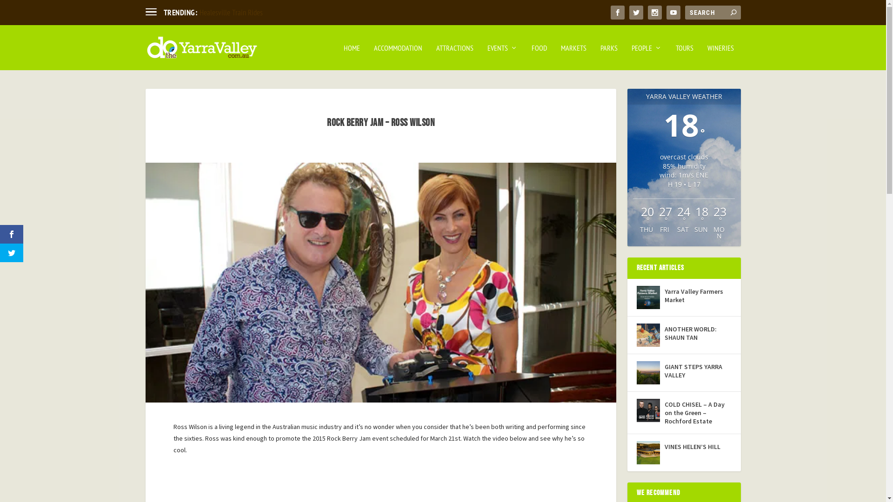  What do you see at coordinates (539, 57) in the screenshot?
I see `'FOOD'` at bounding box center [539, 57].